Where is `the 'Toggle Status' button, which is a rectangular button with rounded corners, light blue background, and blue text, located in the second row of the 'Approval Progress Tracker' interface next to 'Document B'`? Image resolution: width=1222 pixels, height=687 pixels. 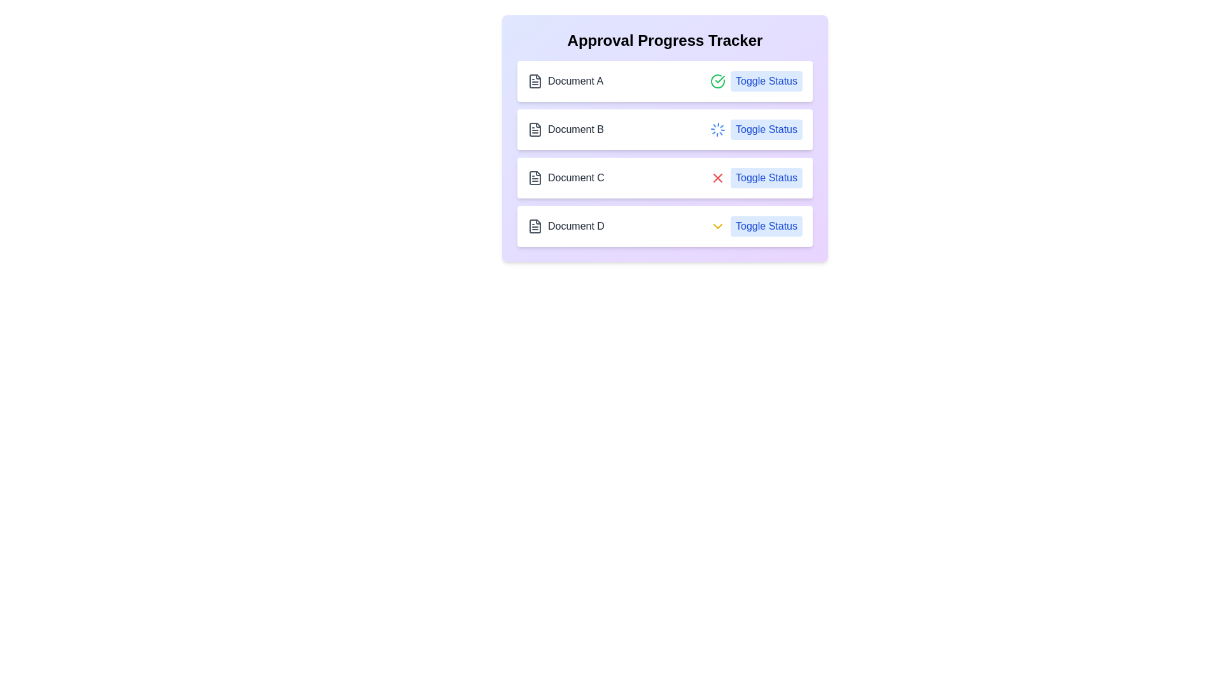 the 'Toggle Status' button, which is a rectangular button with rounded corners, light blue background, and blue text, located in the second row of the 'Approval Progress Tracker' interface next to 'Document B' is located at coordinates (766, 130).